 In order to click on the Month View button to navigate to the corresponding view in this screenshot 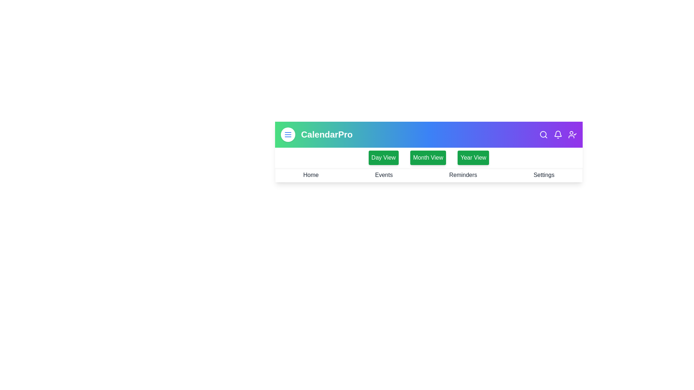, I will do `click(428, 157)`.